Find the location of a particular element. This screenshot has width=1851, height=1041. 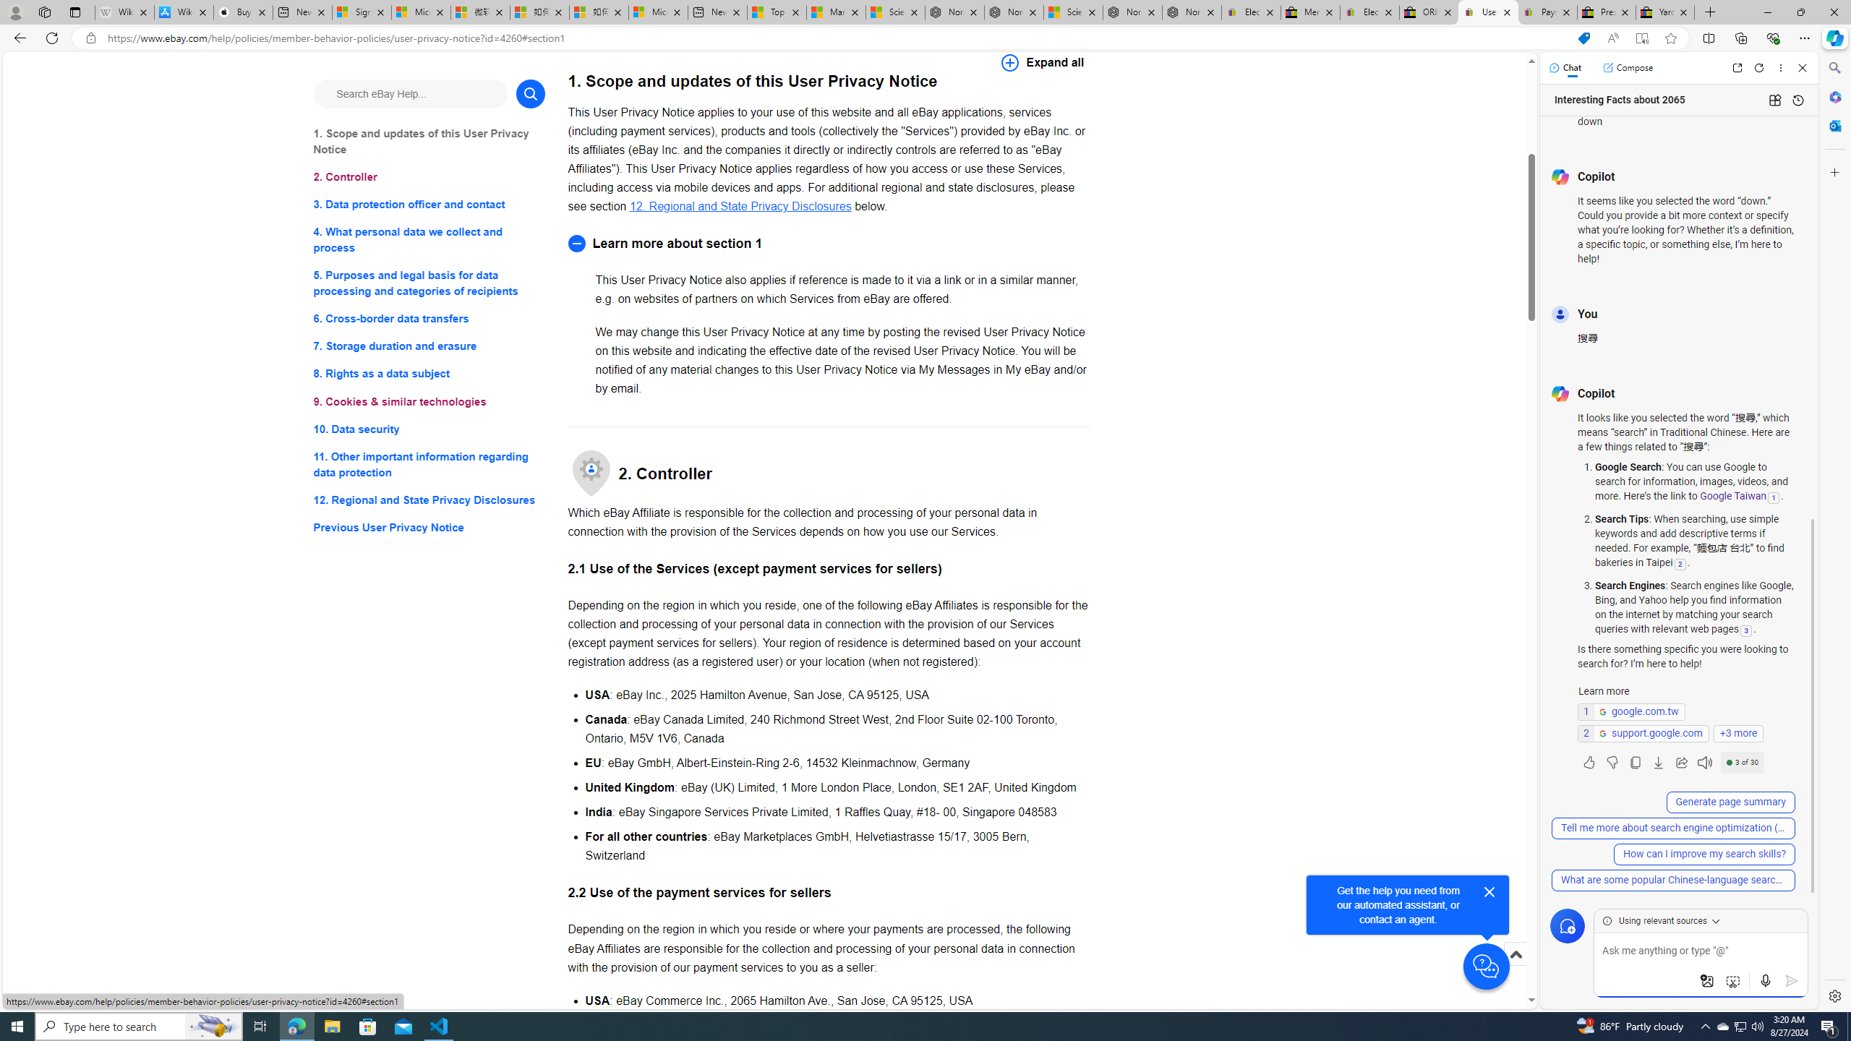

'Chat' is located at coordinates (1565, 67).